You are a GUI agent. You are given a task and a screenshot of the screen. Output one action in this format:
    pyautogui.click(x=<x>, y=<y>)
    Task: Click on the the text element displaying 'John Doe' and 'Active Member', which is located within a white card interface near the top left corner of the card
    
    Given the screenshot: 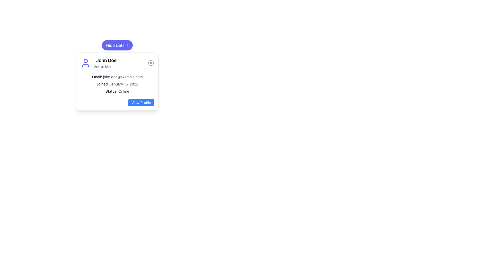 What is the action you would take?
    pyautogui.click(x=106, y=63)
    